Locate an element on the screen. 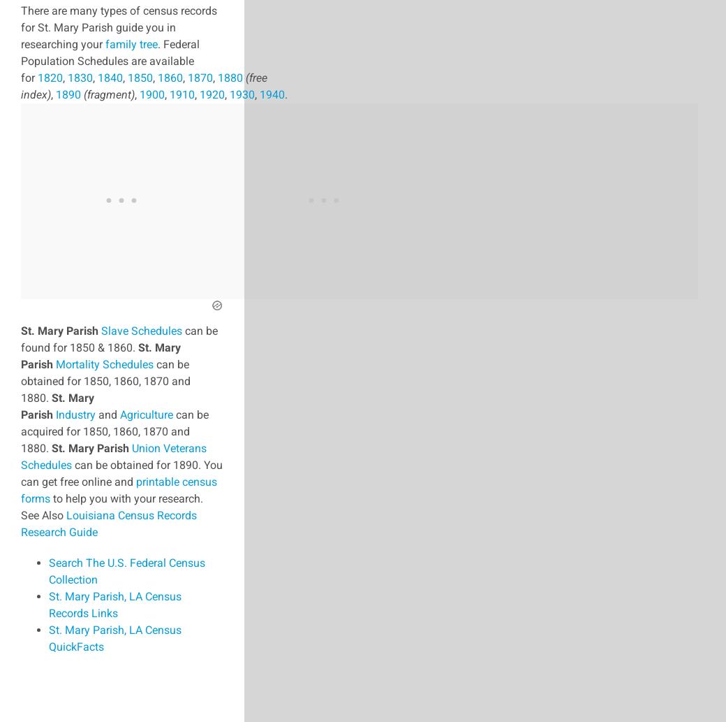 This screenshot has width=726, height=722. 'Union Veterans Schedules' is located at coordinates (113, 455).